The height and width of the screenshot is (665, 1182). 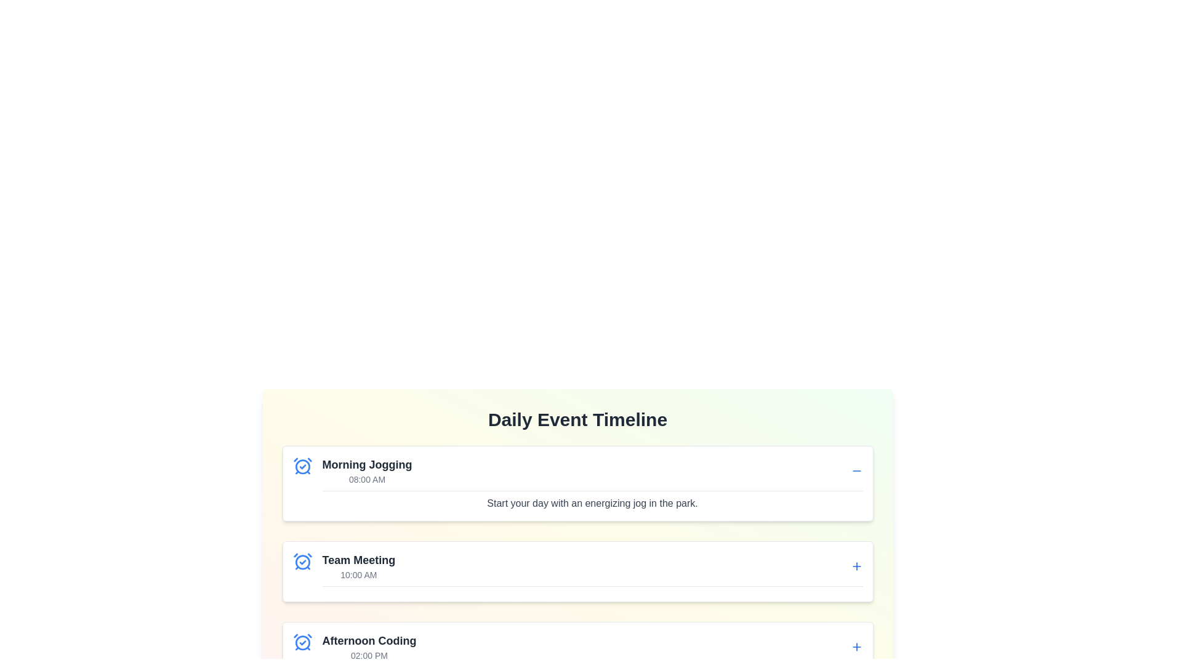 What do you see at coordinates (358, 566) in the screenshot?
I see `the text block displaying 'Team Meeting' and '10:00 AM', located in the second event card under the 'Daily Event Timeline', positioned between 'Morning Jogging' and 'Afternoon Coding'` at bounding box center [358, 566].